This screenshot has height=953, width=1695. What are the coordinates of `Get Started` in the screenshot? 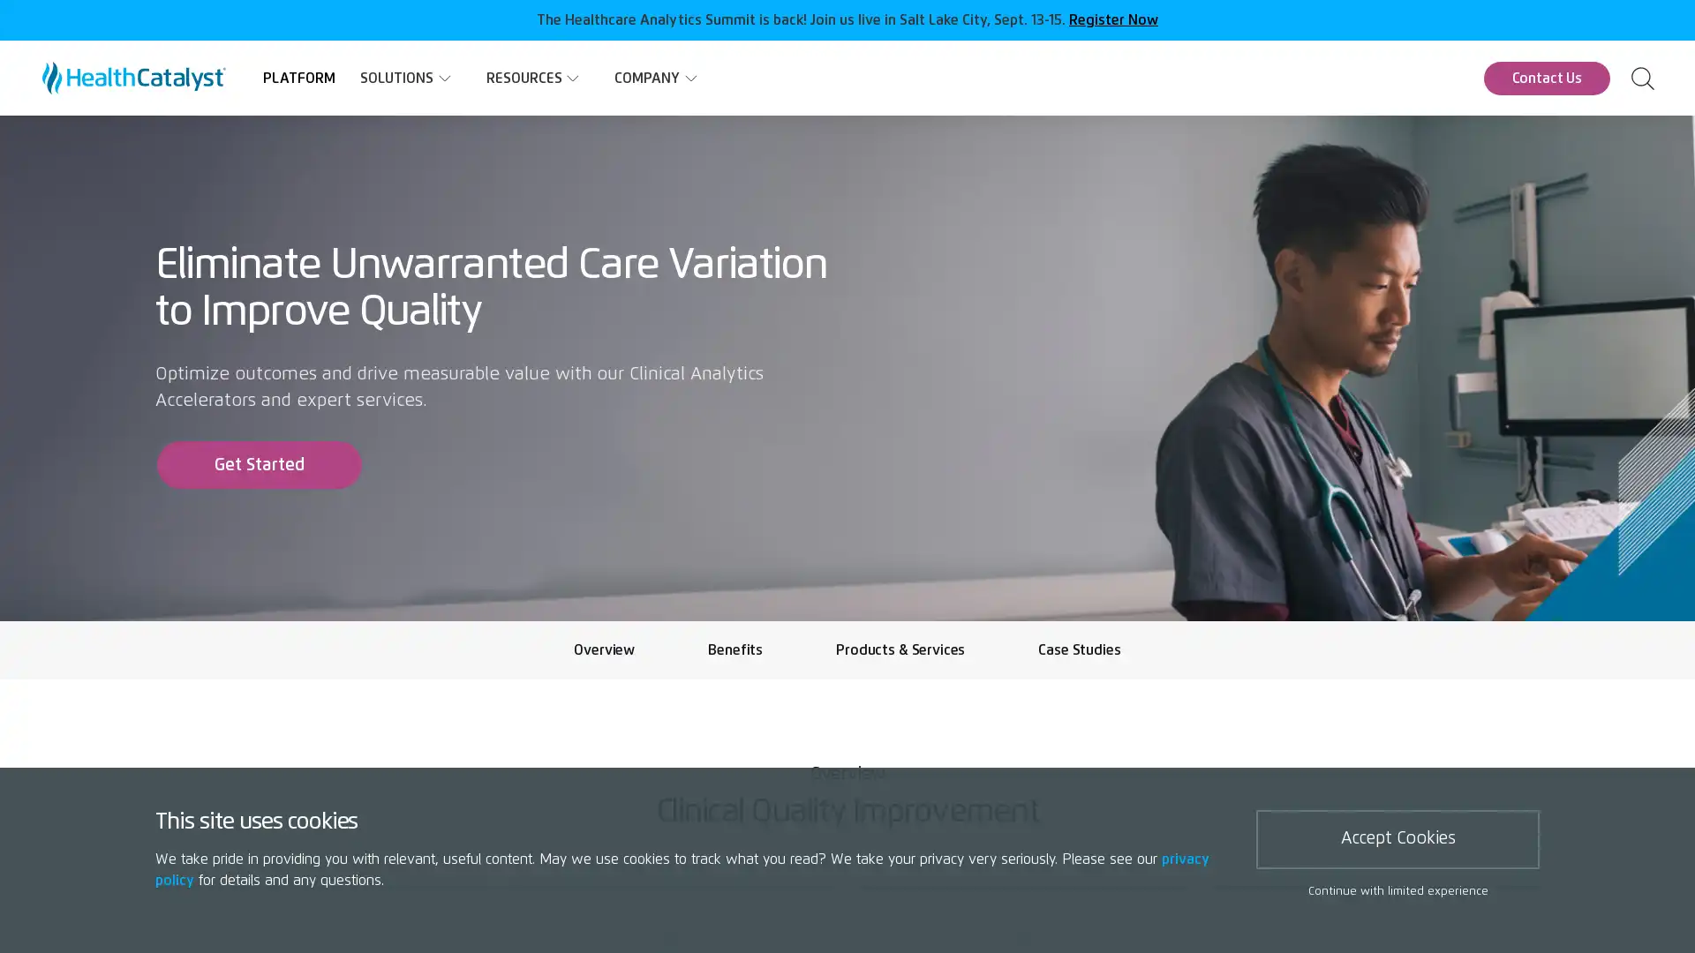 It's located at (258, 464).